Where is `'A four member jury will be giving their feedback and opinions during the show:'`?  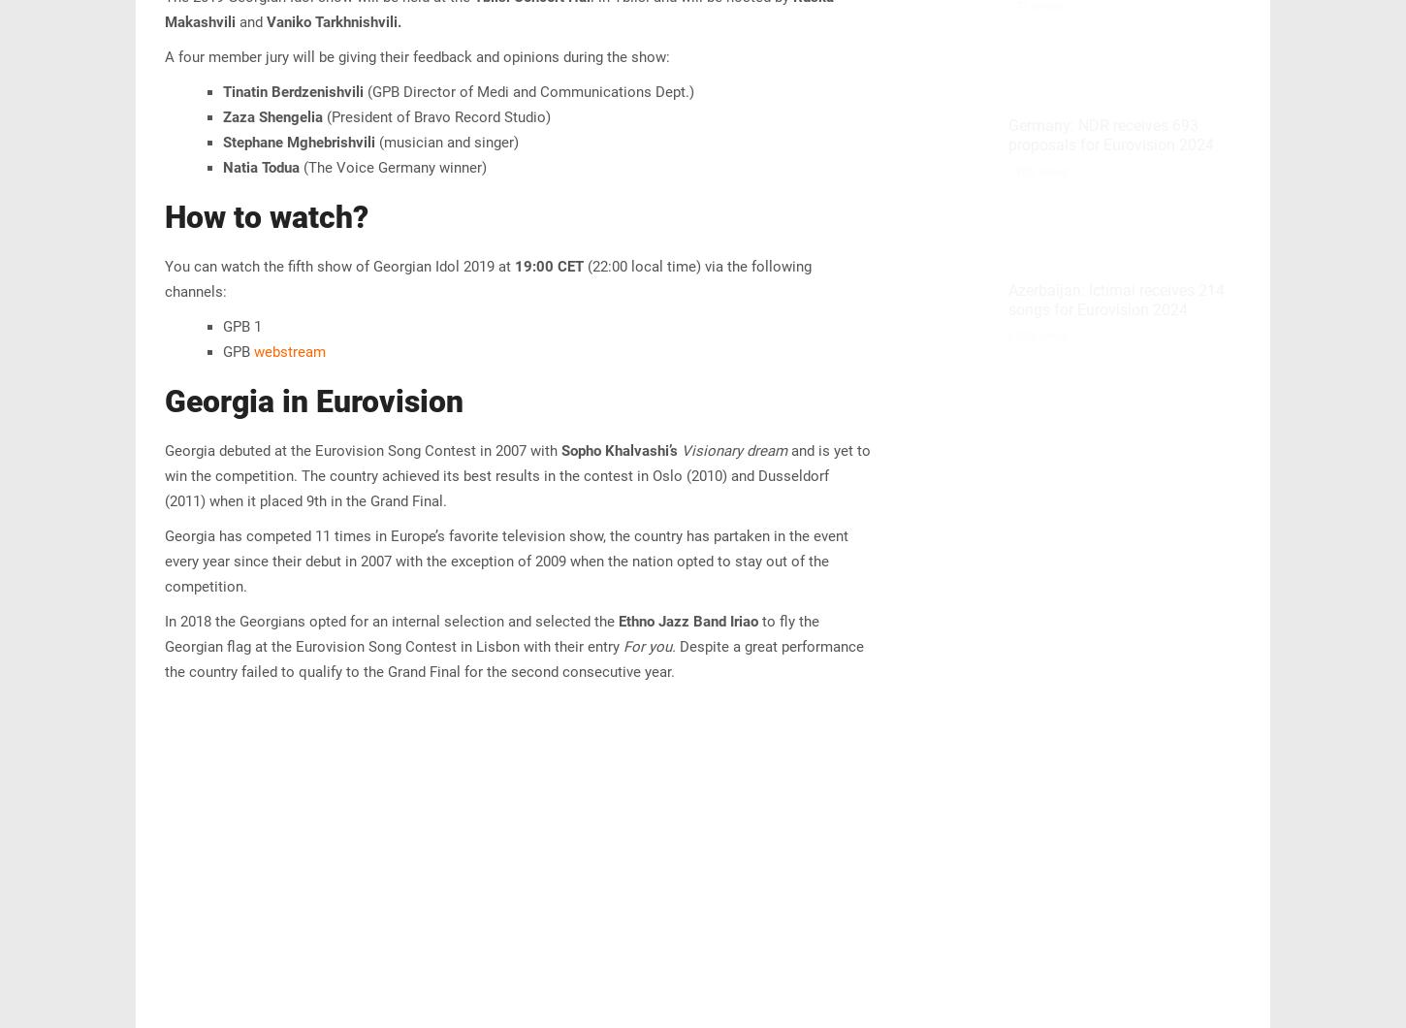 'A four member jury will be giving their feedback and opinions during the show:' is located at coordinates (416, 57).